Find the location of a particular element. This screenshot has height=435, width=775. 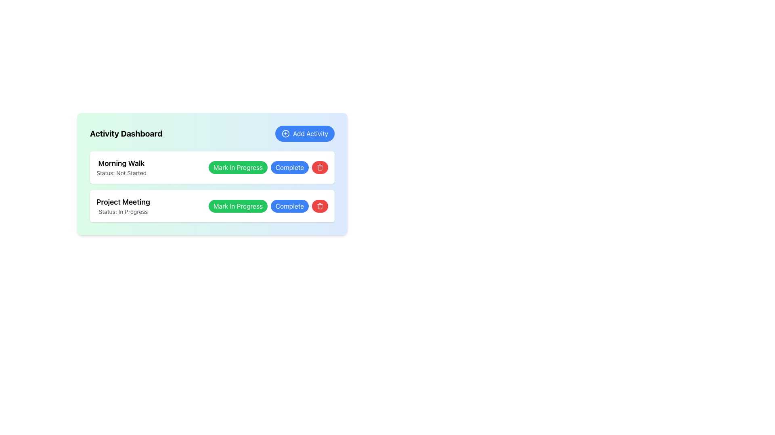

the compact, circular red button with a white trashcan icon is located at coordinates (319, 206).